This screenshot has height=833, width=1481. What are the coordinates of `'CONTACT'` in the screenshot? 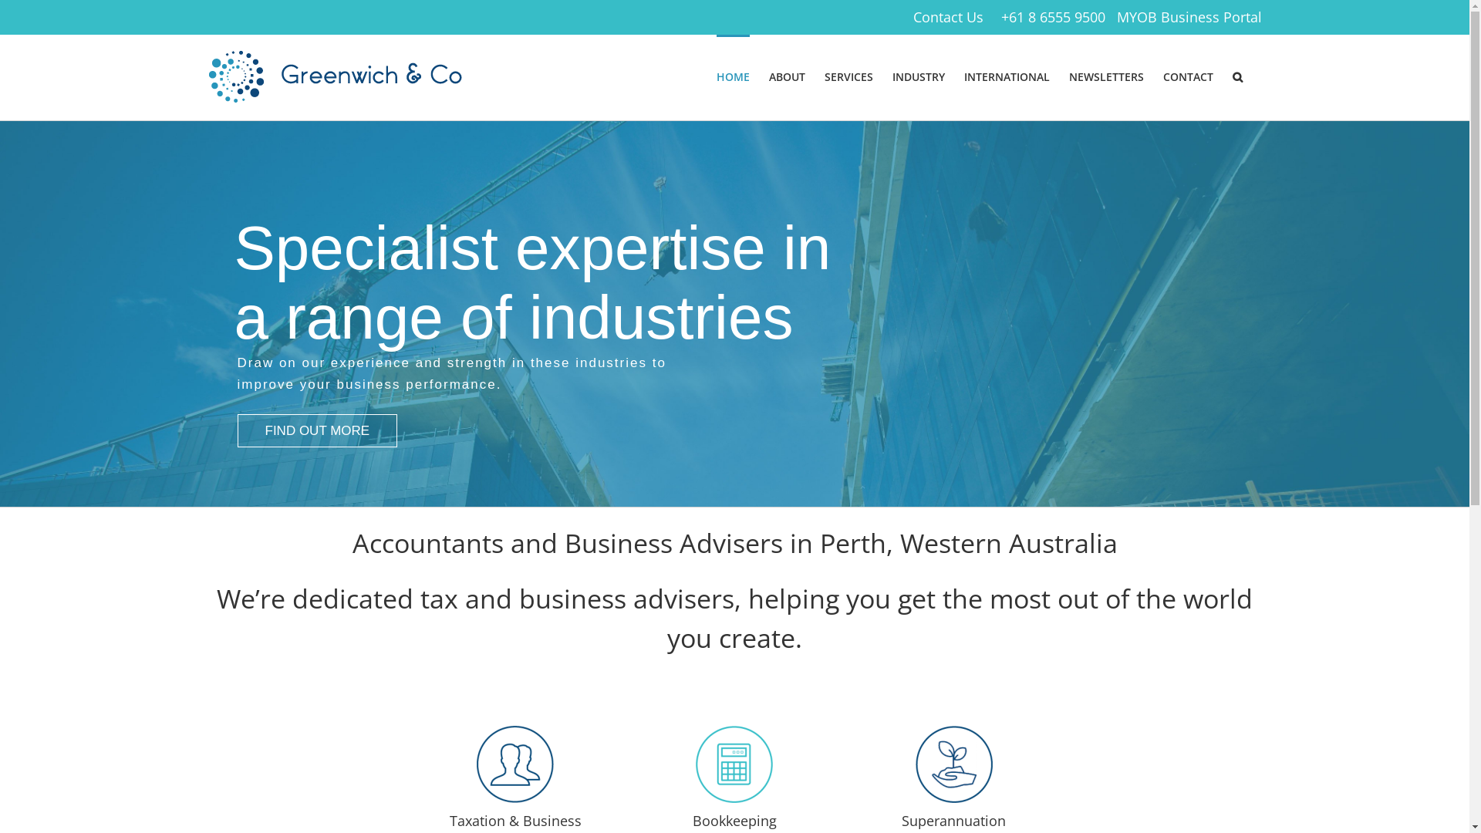 It's located at (1187, 76).